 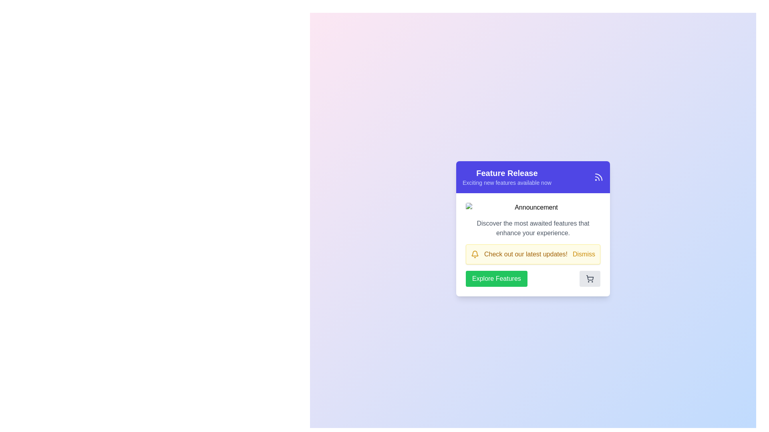 I want to click on the yellow bell icon representing notifications, which is positioned on the left side of the notification bar before the text content, so click(x=475, y=254).